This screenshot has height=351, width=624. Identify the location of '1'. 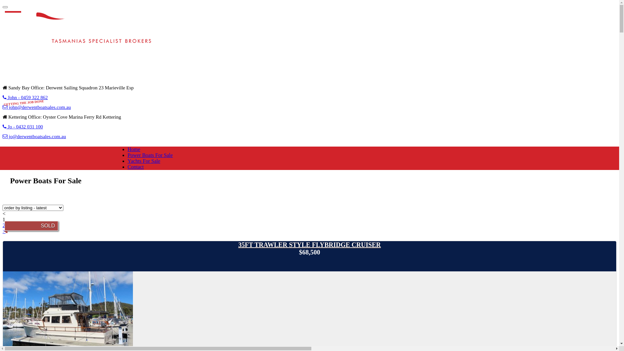
(3, 219).